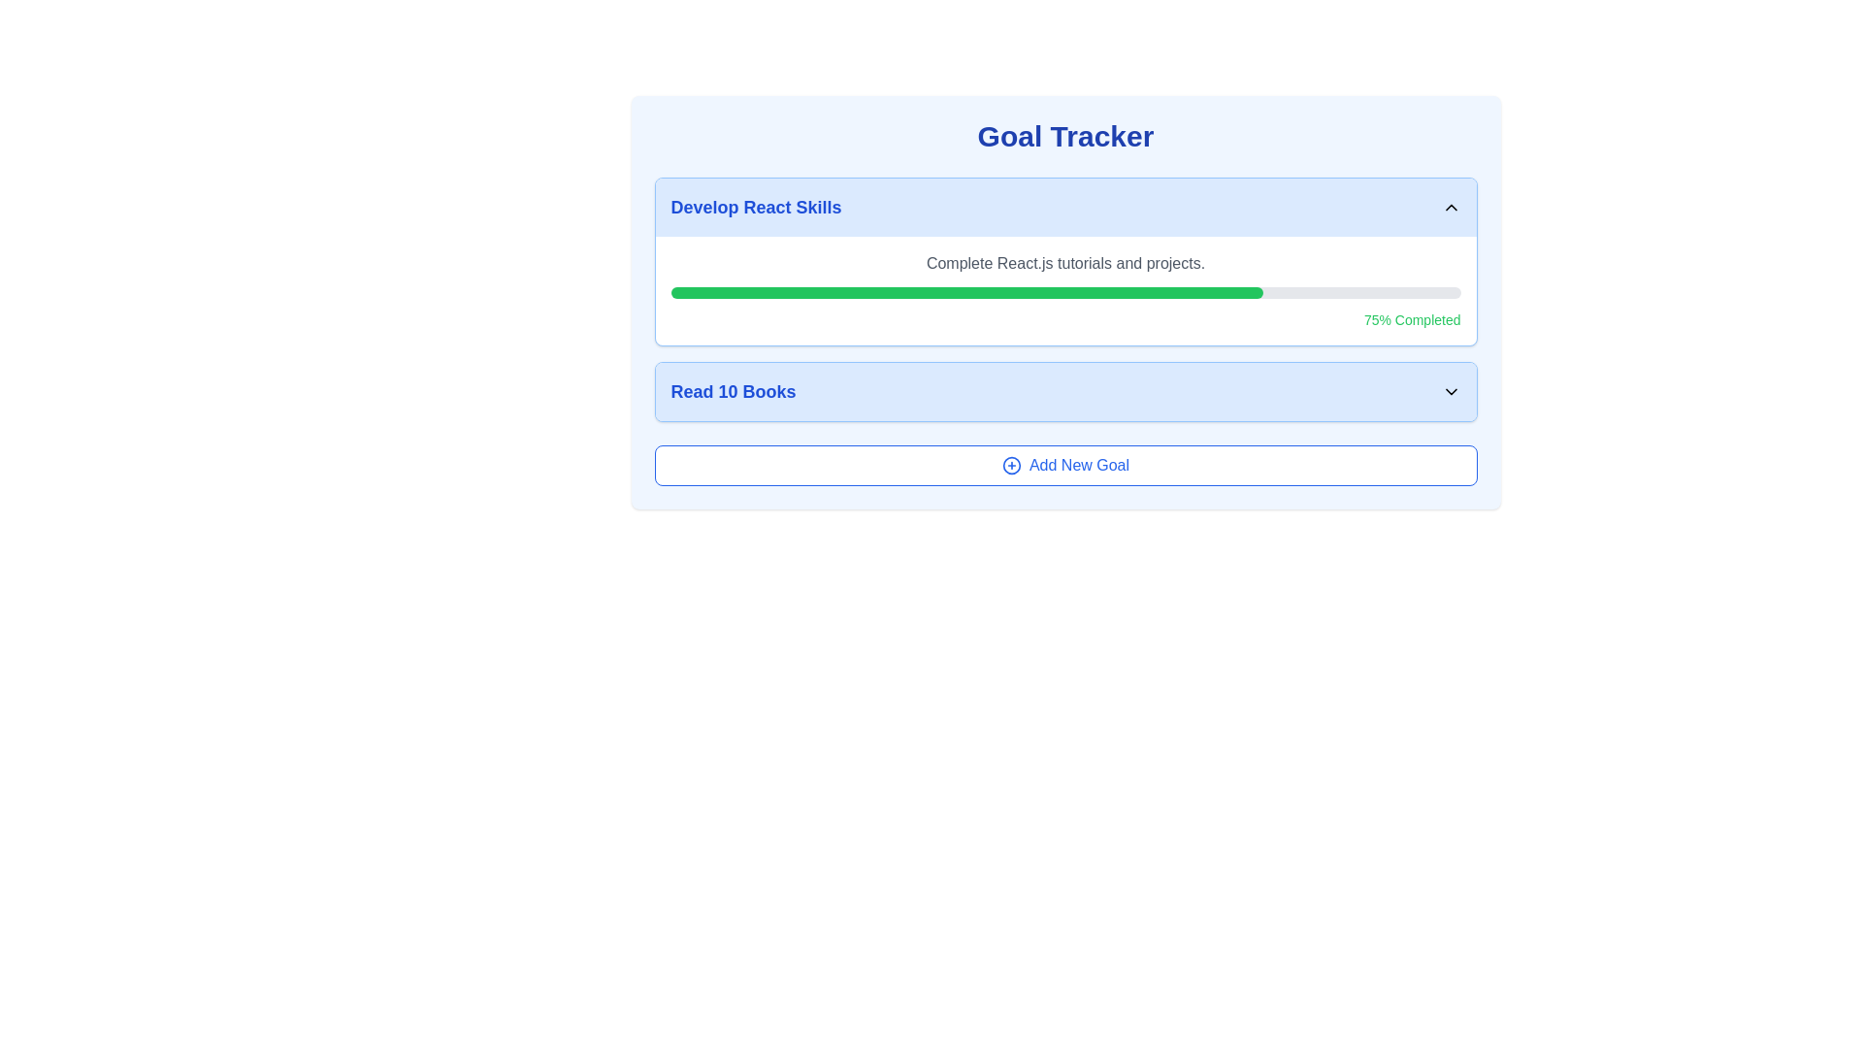 The image size is (1863, 1048). Describe the element at coordinates (755, 207) in the screenshot. I see `the title text of a specific goal in the goal-tracking application, located in the top-left portion of its card` at that location.